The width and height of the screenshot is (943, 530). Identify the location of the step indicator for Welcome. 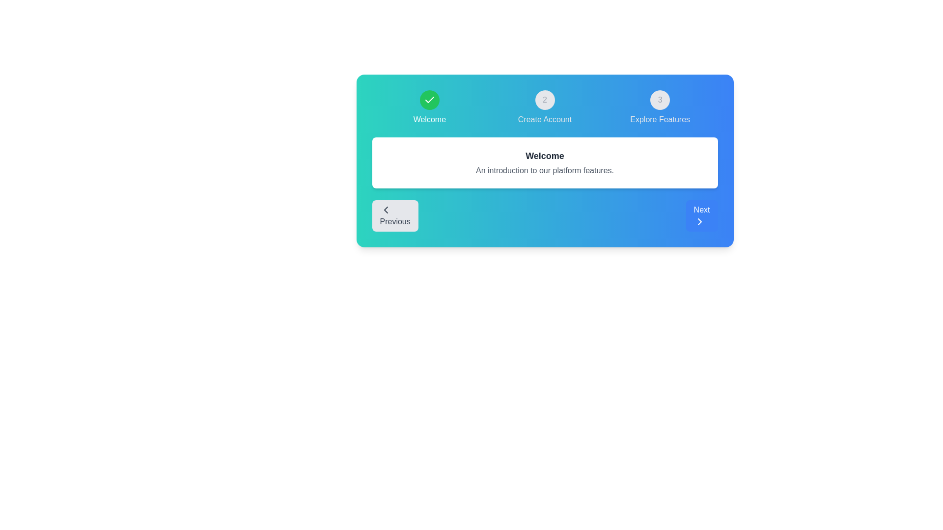
(429, 107).